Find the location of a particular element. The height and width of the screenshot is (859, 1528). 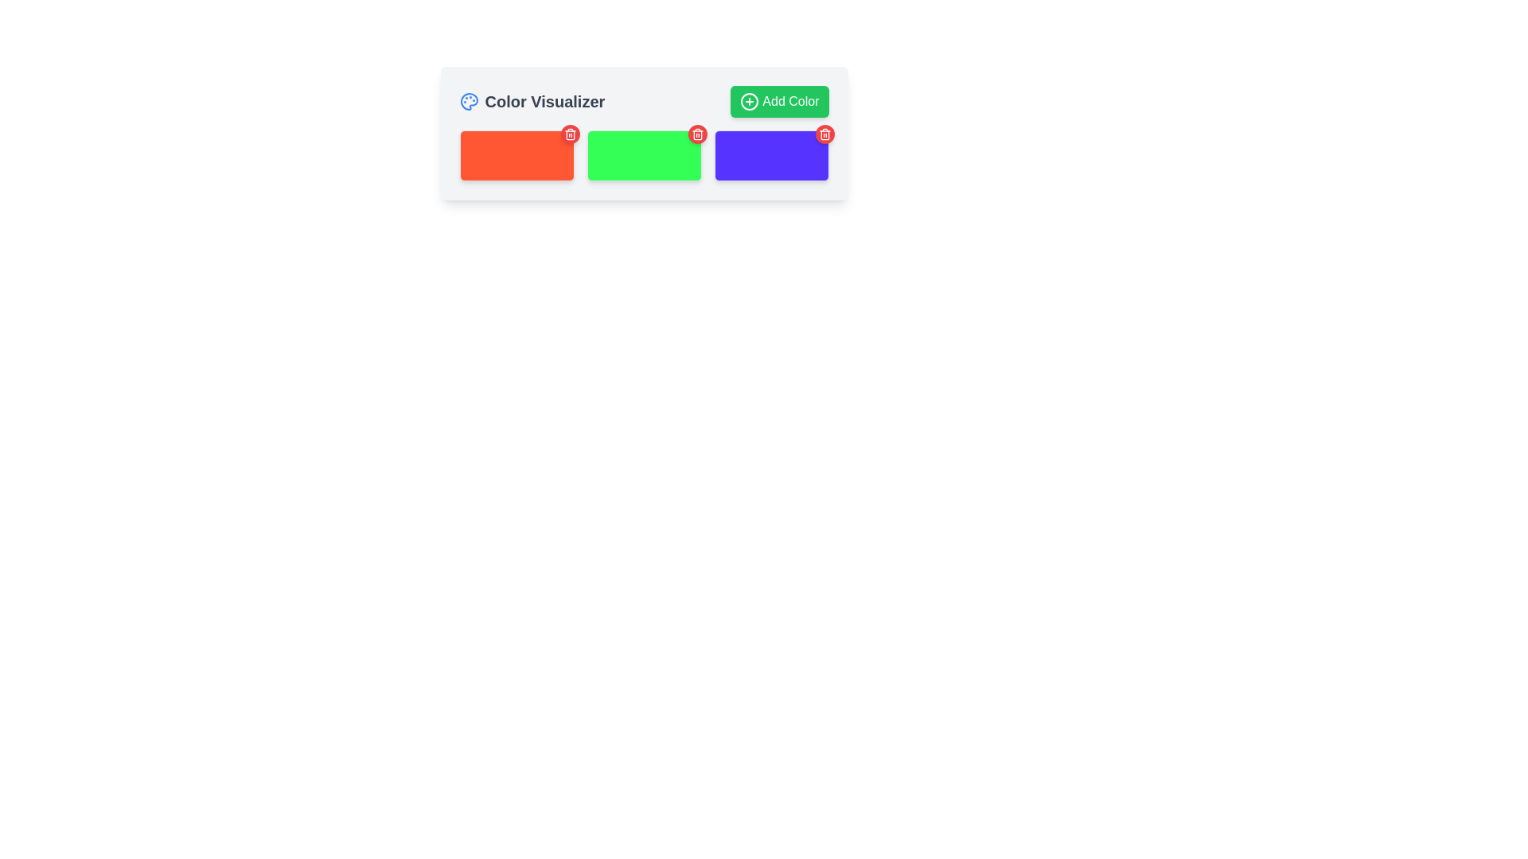

the third delete button located at the top-right corner of the third blue card is located at coordinates (824, 134).